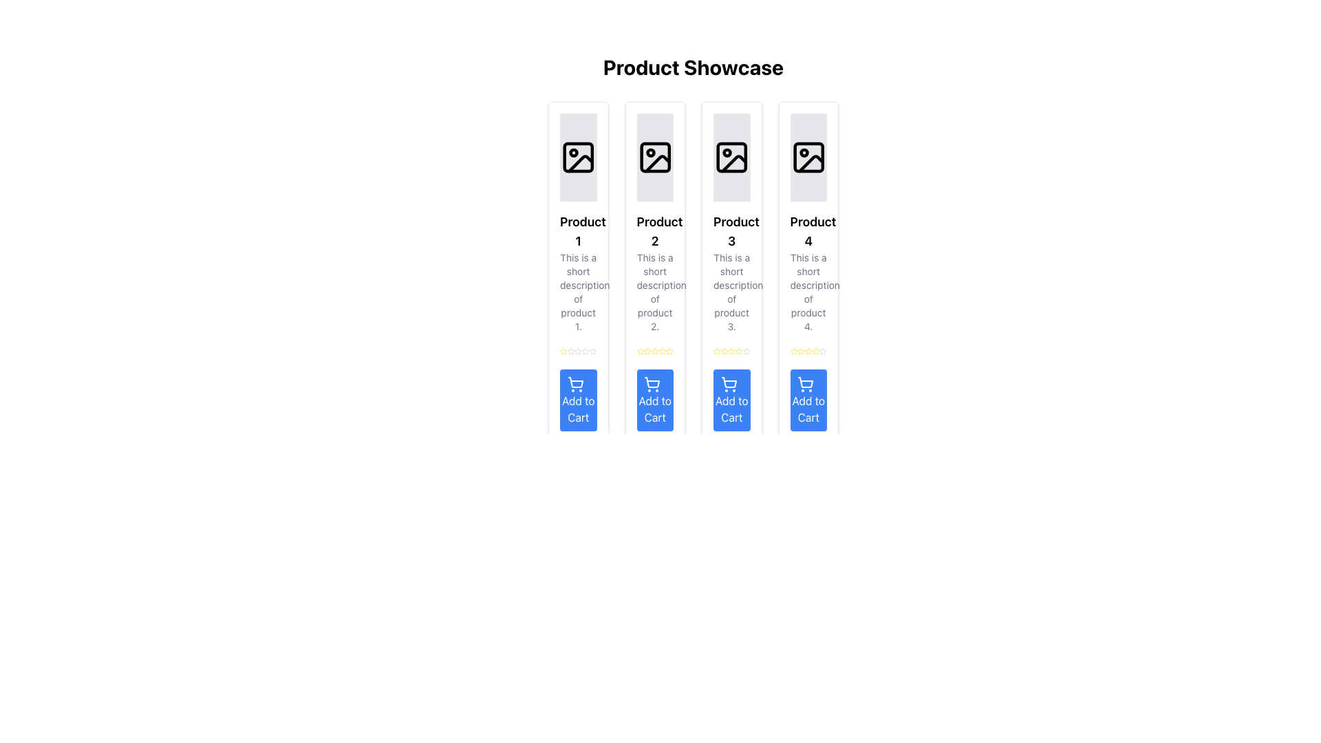  I want to click on text block containing the sentence 'This is a short description of product 1.' which is styled in a smaller gray font and located under the title 'Product 1' and above the rating indicator in the first product card, so click(578, 291).